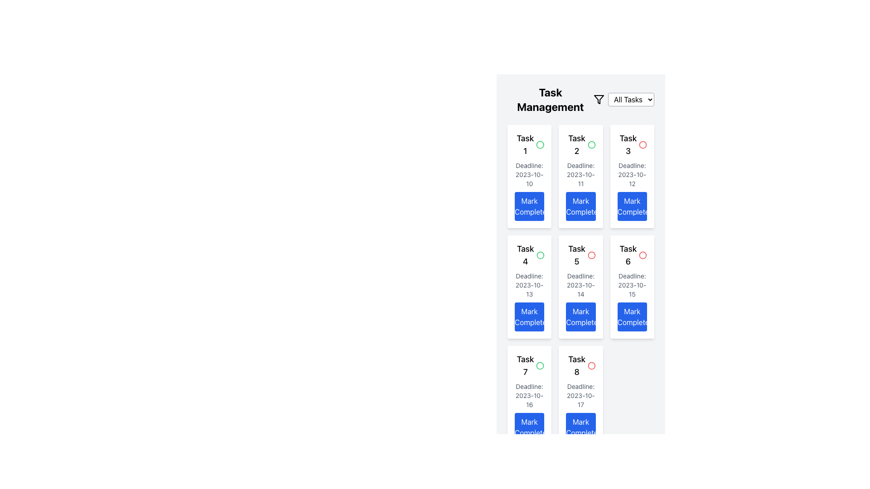 The image size is (870, 489). Describe the element at coordinates (580, 176) in the screenshot. I see `the task item card that represents a task with details about its title and deadline, located in the first row and second column of the grid layout` at that location.